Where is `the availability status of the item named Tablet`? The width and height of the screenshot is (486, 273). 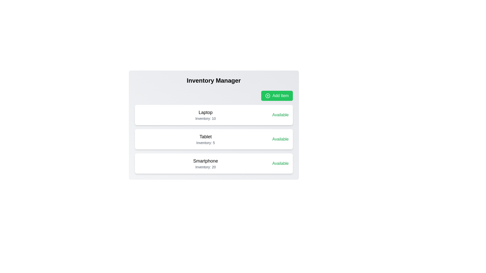
the availability status of the item named Tablet is located at coordinates (280, 139).